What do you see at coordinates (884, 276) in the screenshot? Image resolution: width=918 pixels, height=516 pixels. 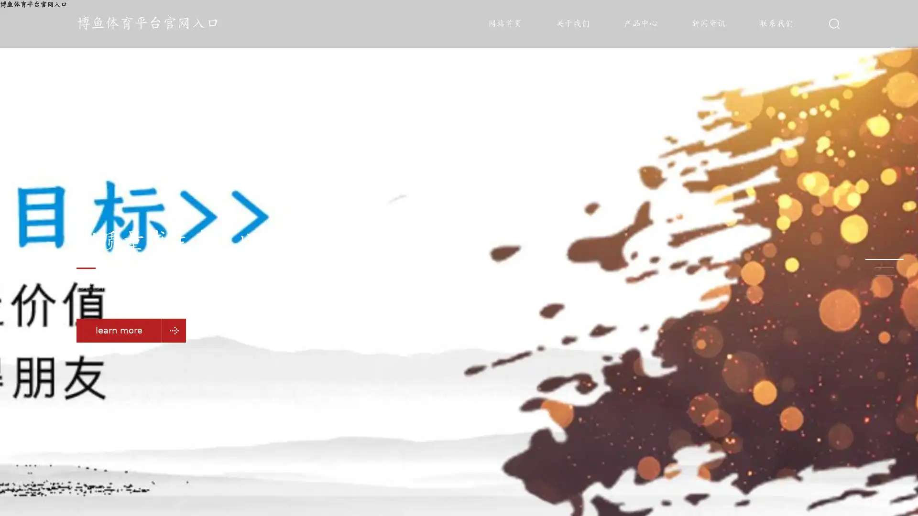 I see `Go to slide 3` at bounding box center [884, 276].